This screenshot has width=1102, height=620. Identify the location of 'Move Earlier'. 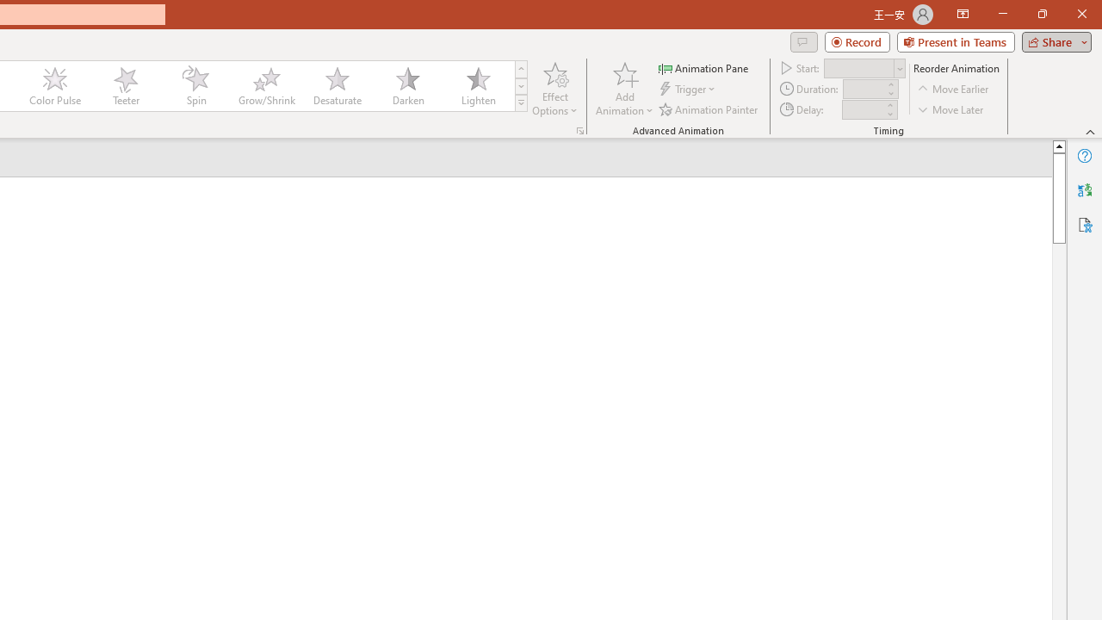
(952, 89).